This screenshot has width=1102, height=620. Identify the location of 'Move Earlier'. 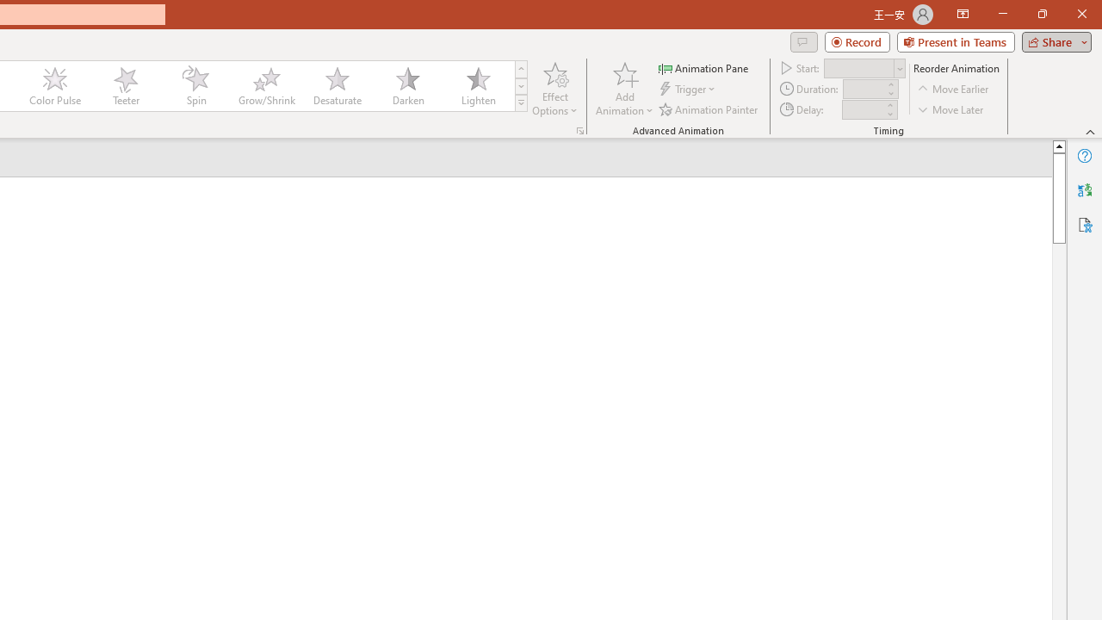
(952, 89).